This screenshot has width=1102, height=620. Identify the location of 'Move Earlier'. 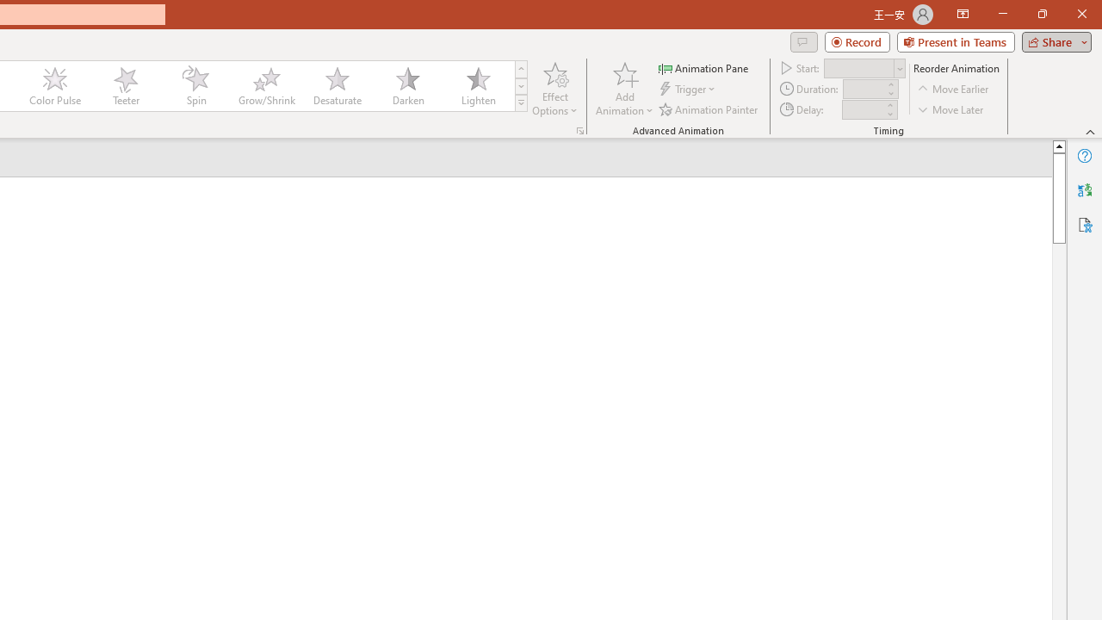
(952, 89).